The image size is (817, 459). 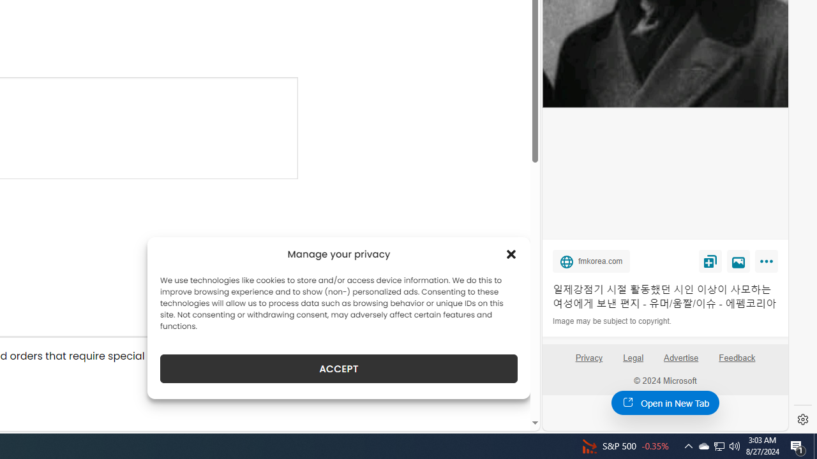 I want to click on 'Open in New Tab', so click(x=664, y=402).